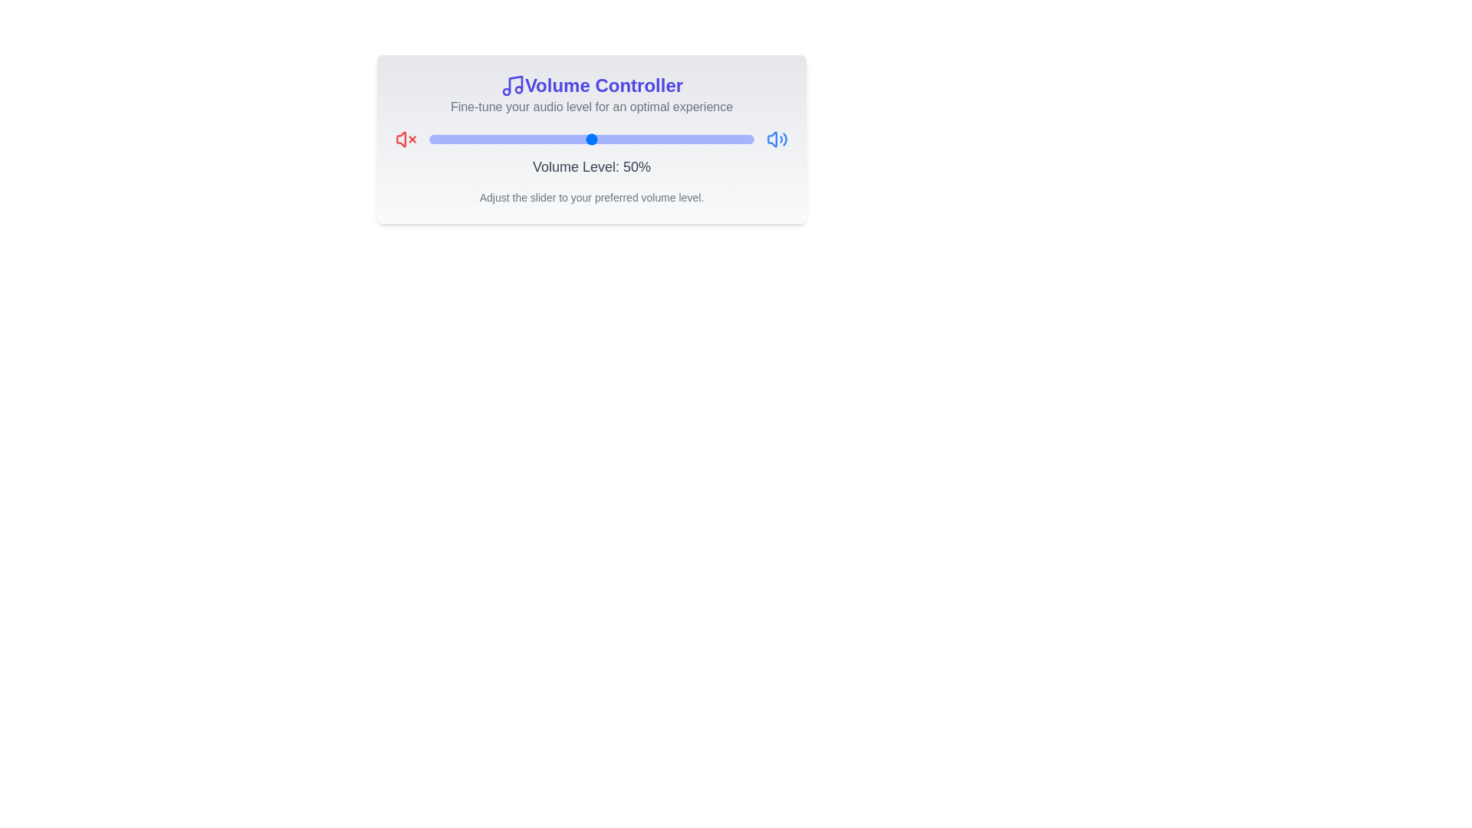 The image size is (1472, 828). What do you see at coordinates (571, 139) in the screenshot?
I see `the volume slider to set the volume to 44%` at bounding box center [571, 139].